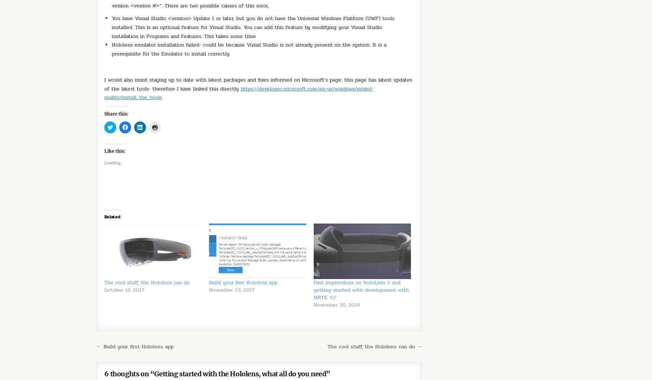 The width and height of the screenshot is (652, 380). I want to click on 'Related', so click(104, 196).